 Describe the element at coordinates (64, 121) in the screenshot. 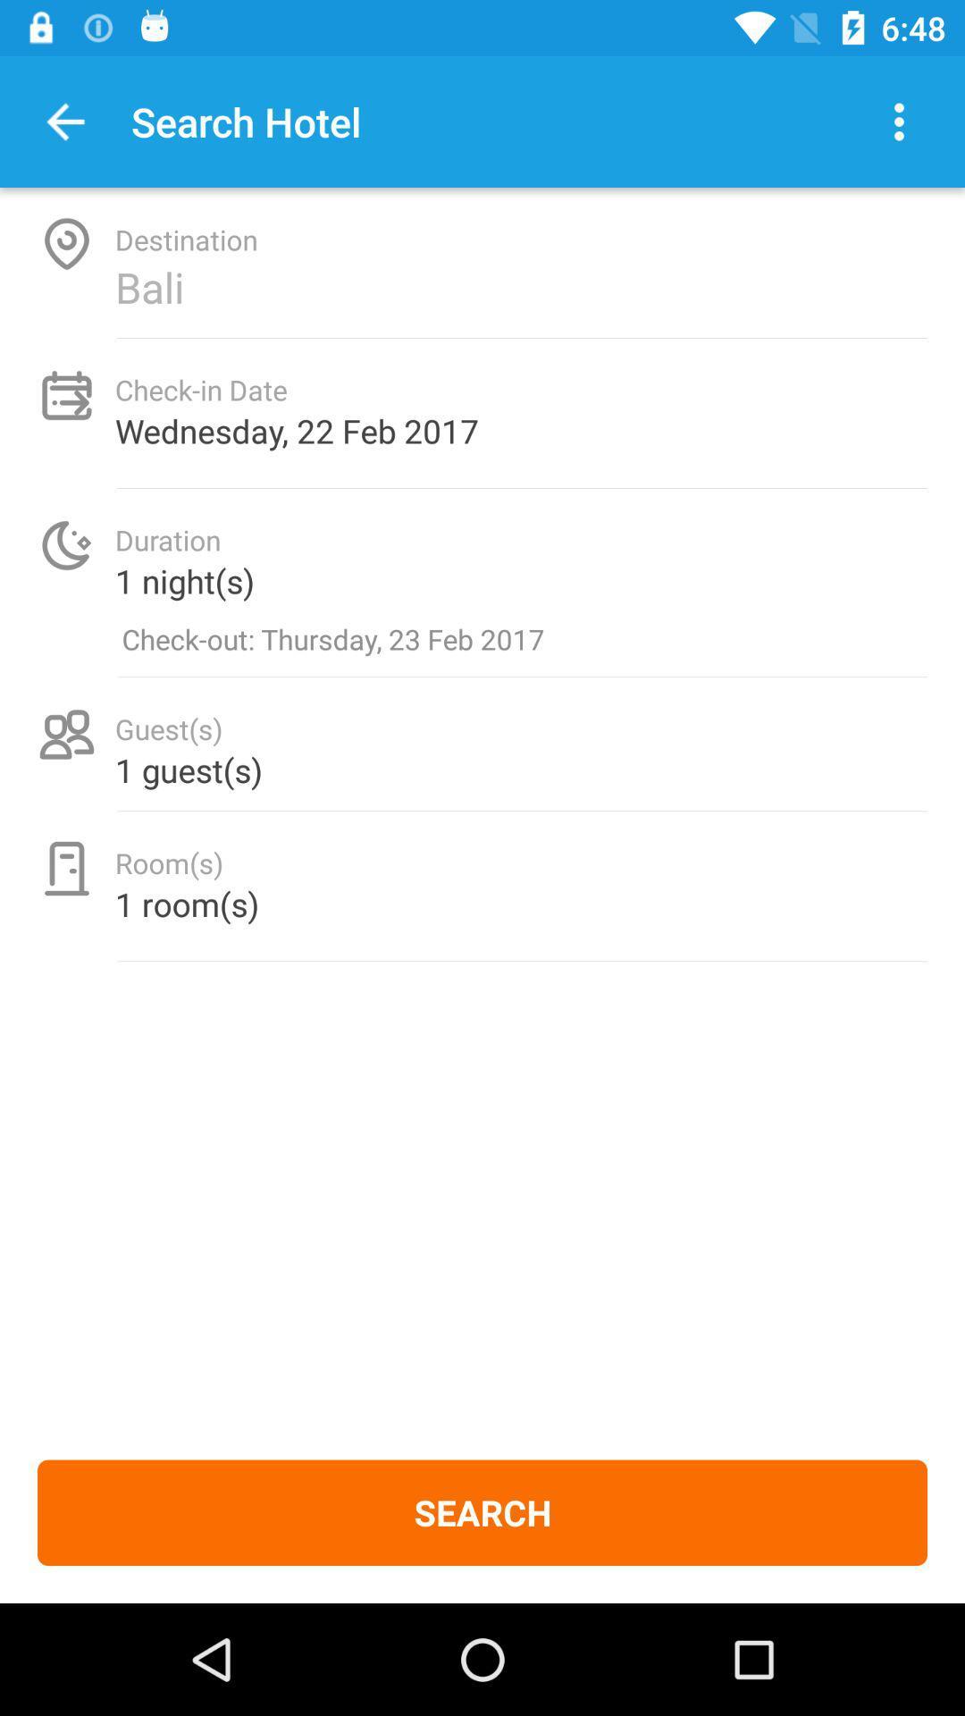

I see `go back` at that location.